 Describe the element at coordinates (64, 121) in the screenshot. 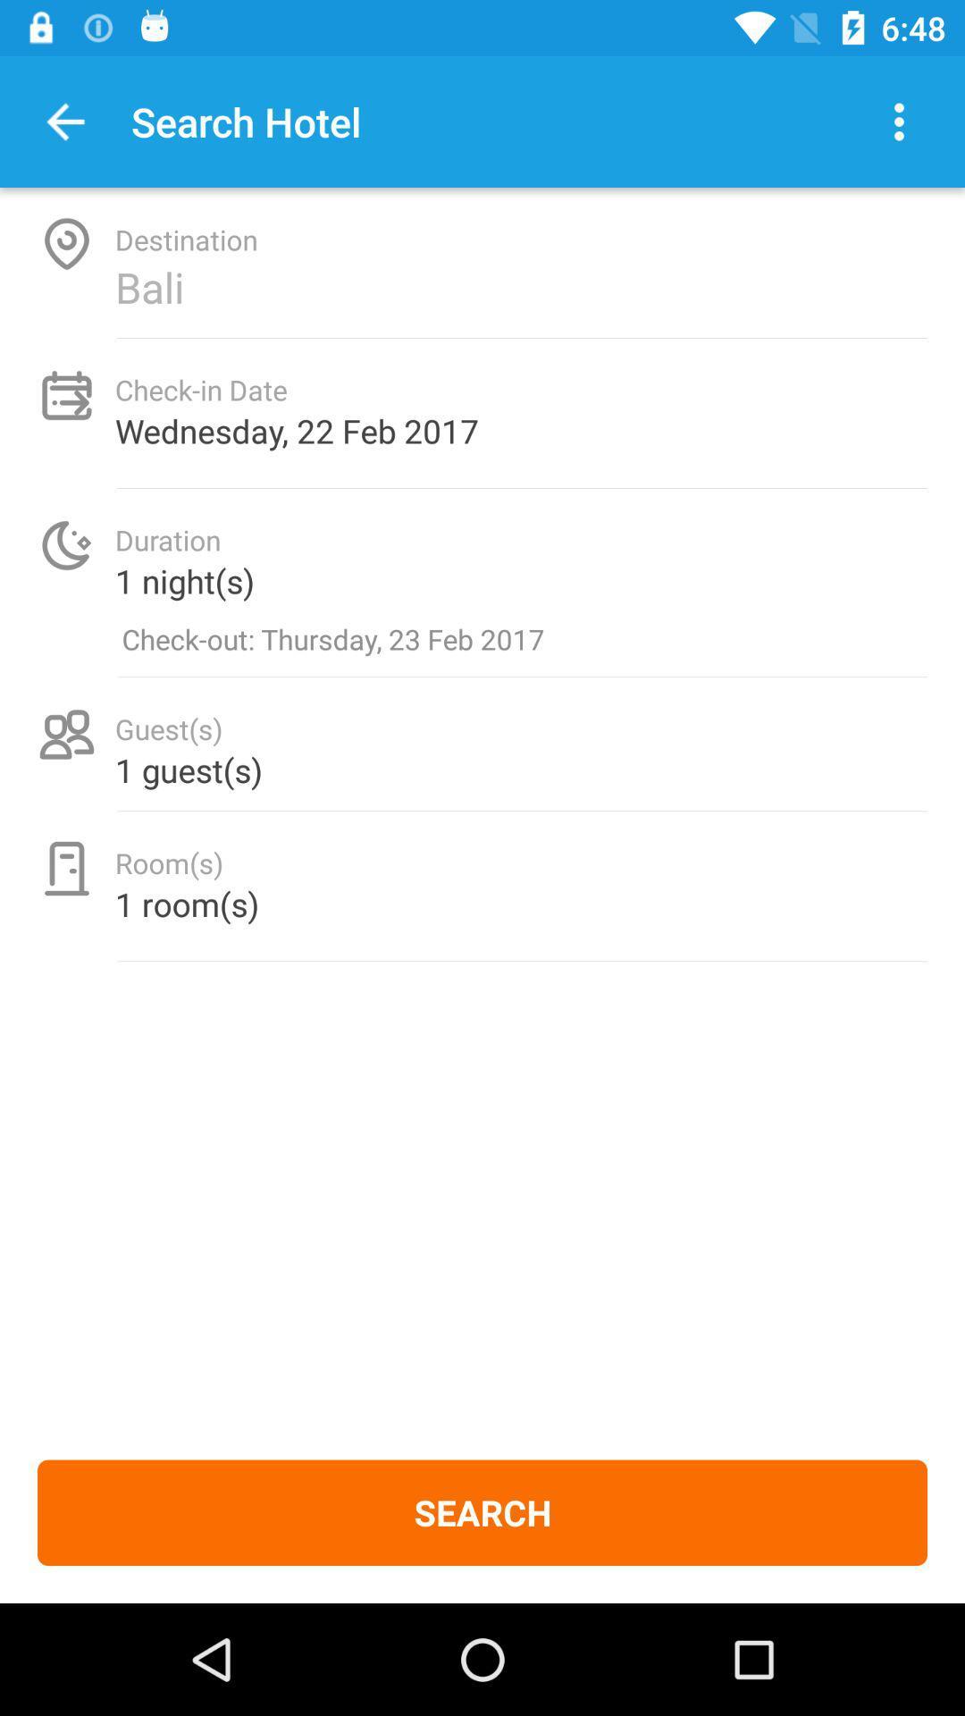

I see `go back` at that location.